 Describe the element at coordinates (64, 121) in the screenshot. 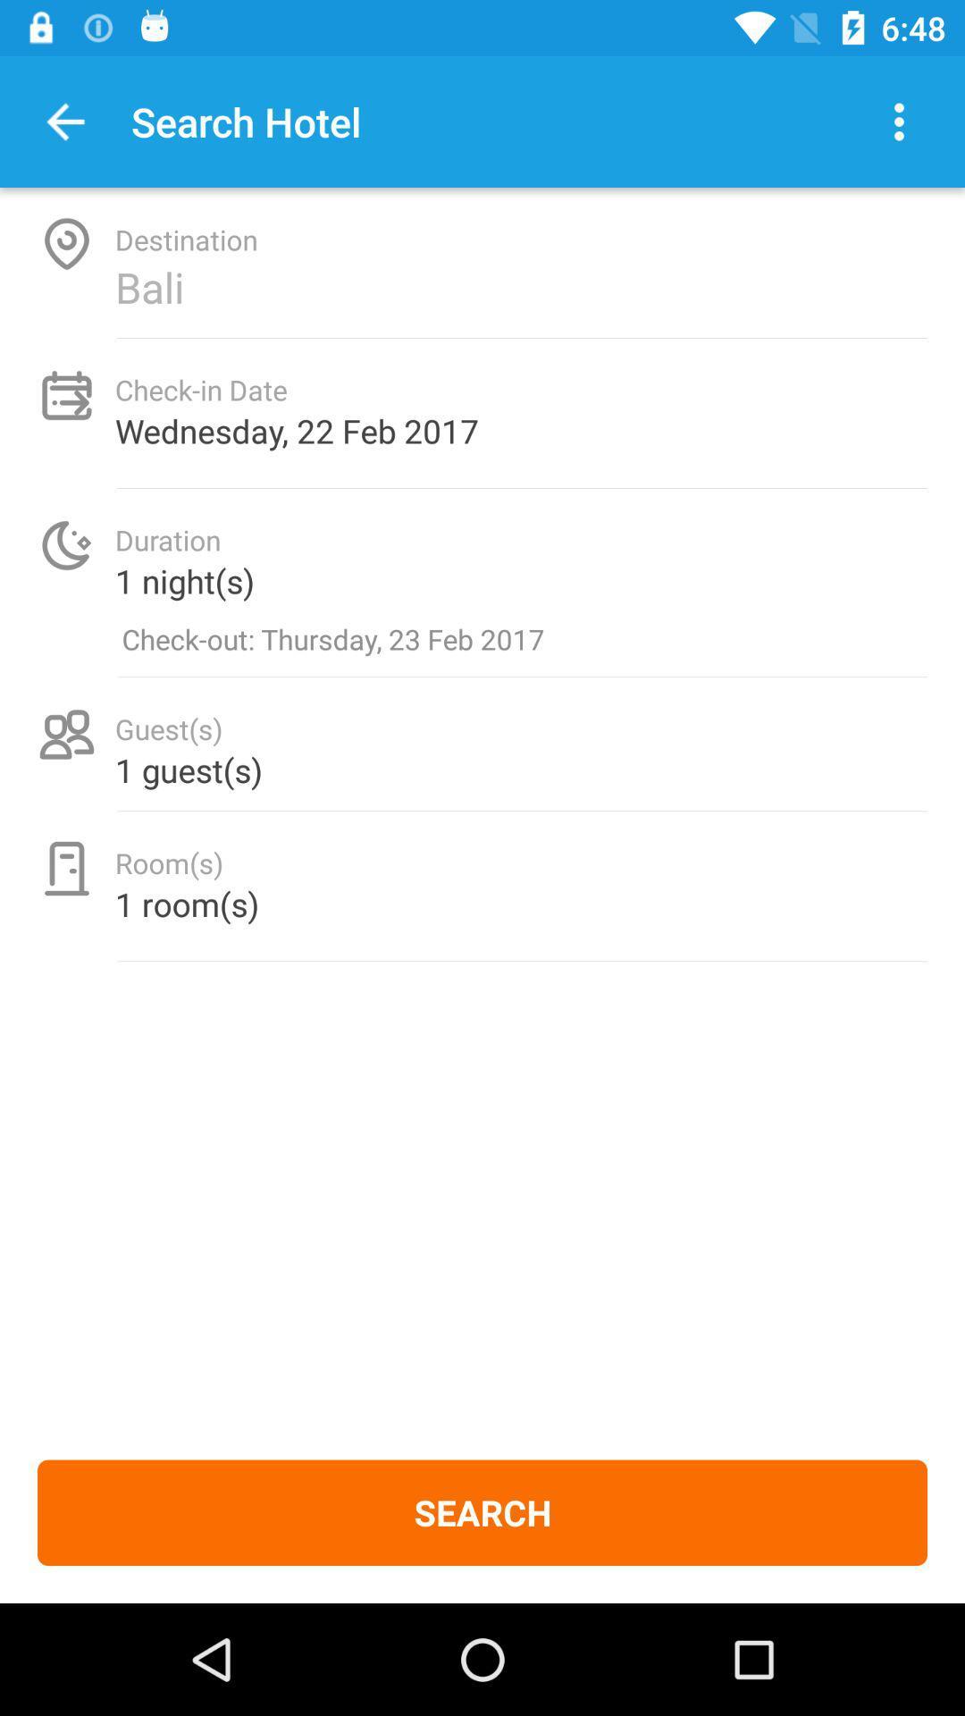

I see `go back` at that location.